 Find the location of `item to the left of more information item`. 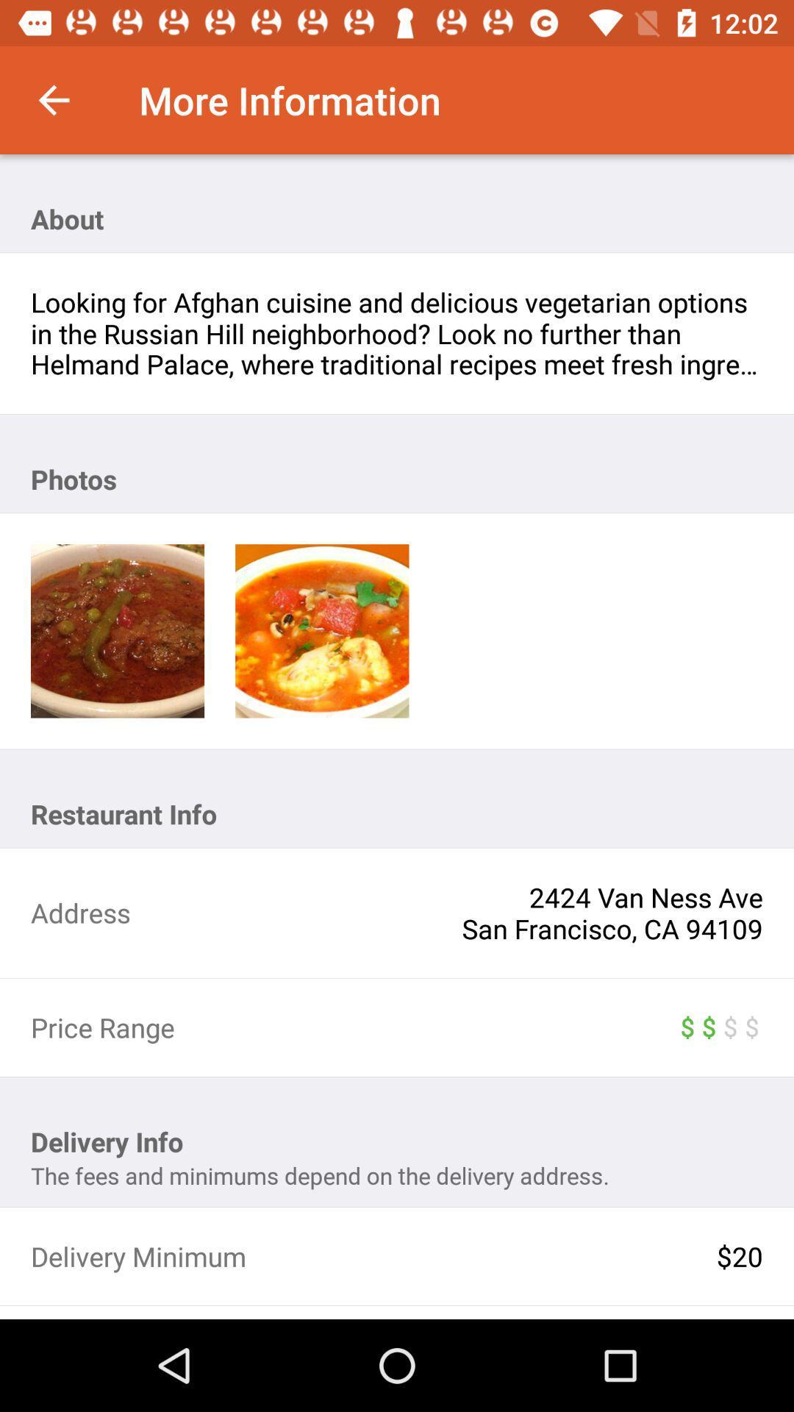

item to the left of more information item is located at coordinates (53, 99).